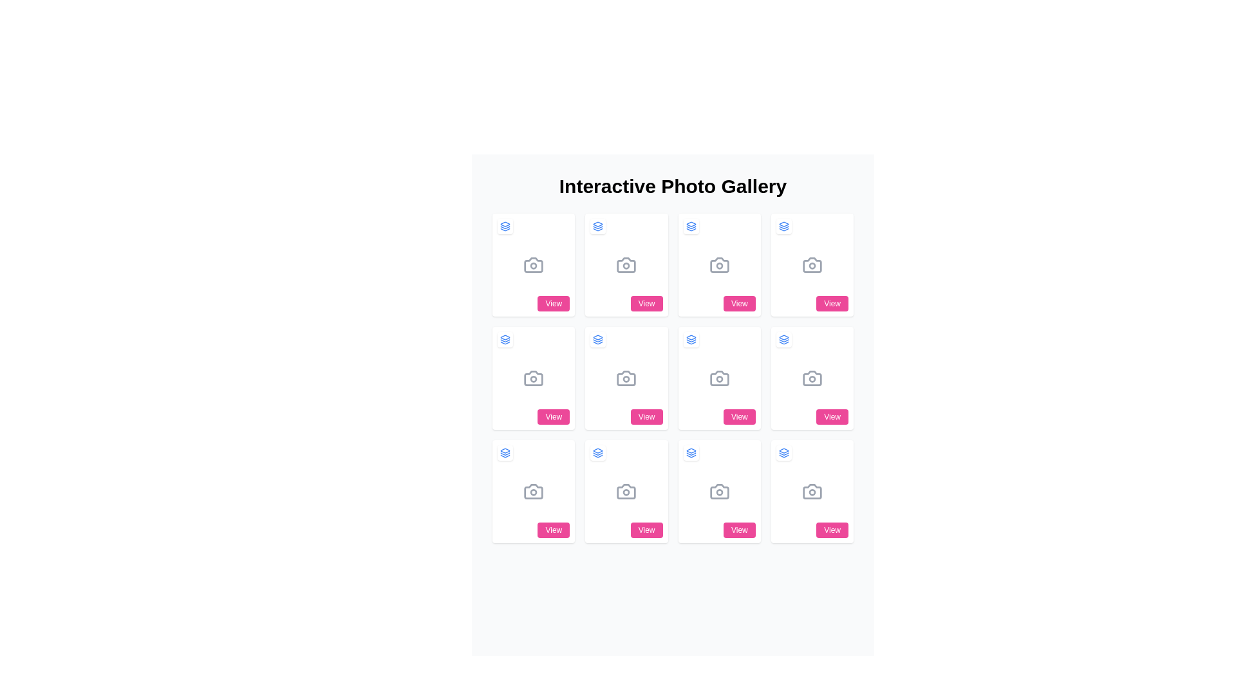 The image size is (1236, 695). What do you see at coordinates (739, 303) in the screenshot?
I see `the button with a pink background and white text reading 'View' located at the bottom-right corner of the rectangular card in the third column of the first row in a grid layout` at bounding box center [739, 303].